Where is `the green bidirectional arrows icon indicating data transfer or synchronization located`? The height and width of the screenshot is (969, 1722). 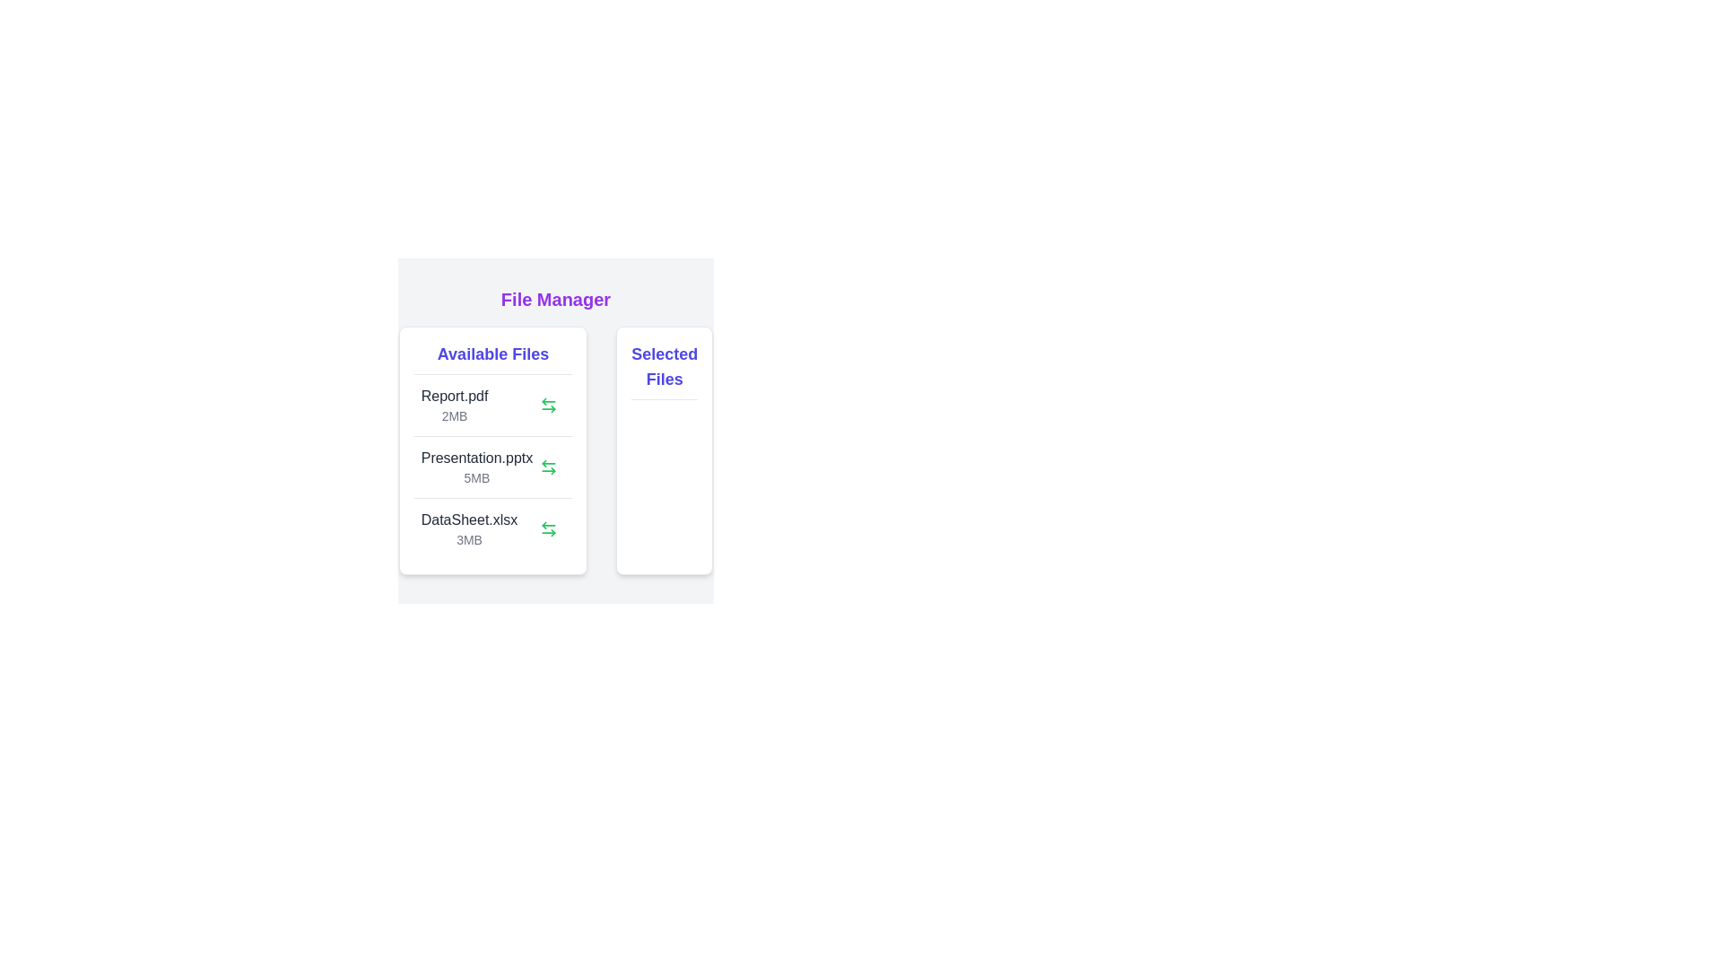
the green bidirectional arrows icon indicating data transfer or synchronization located is located at coordinates (548, 528).